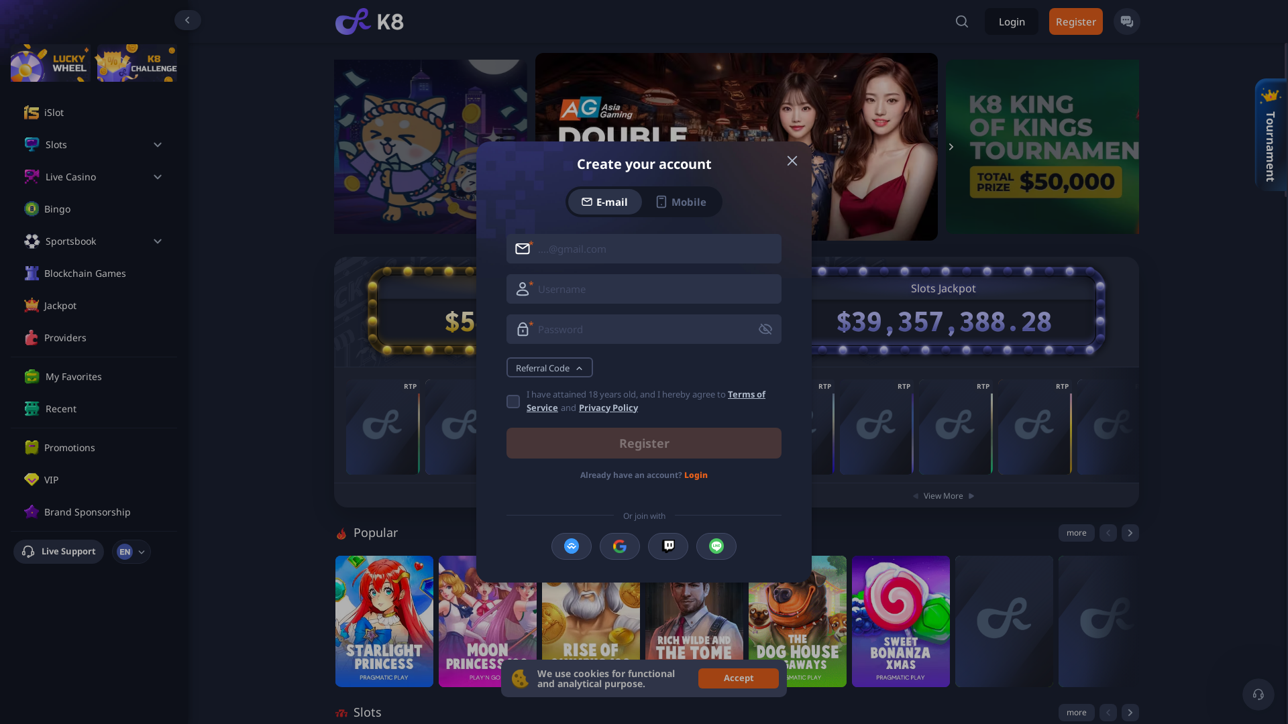  I want to click on 'Promotions', so click(103, 447).